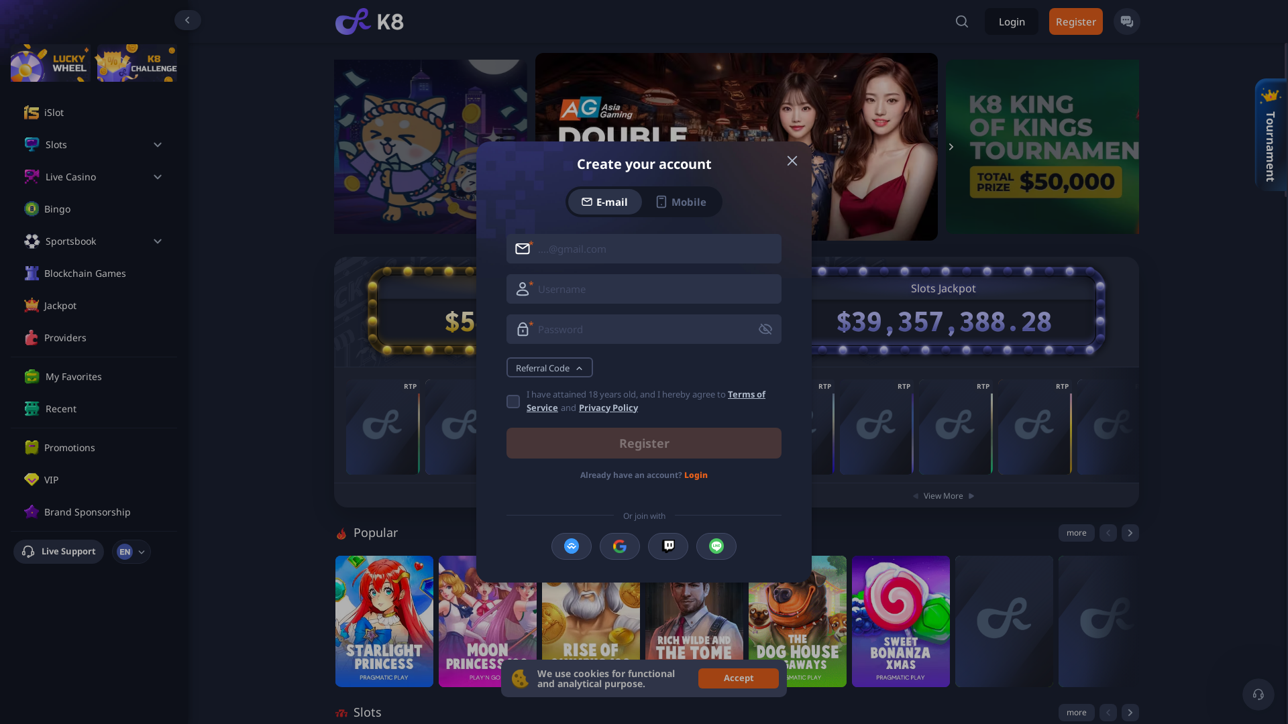  I want to click on 'Promotions', so click(103, 447).